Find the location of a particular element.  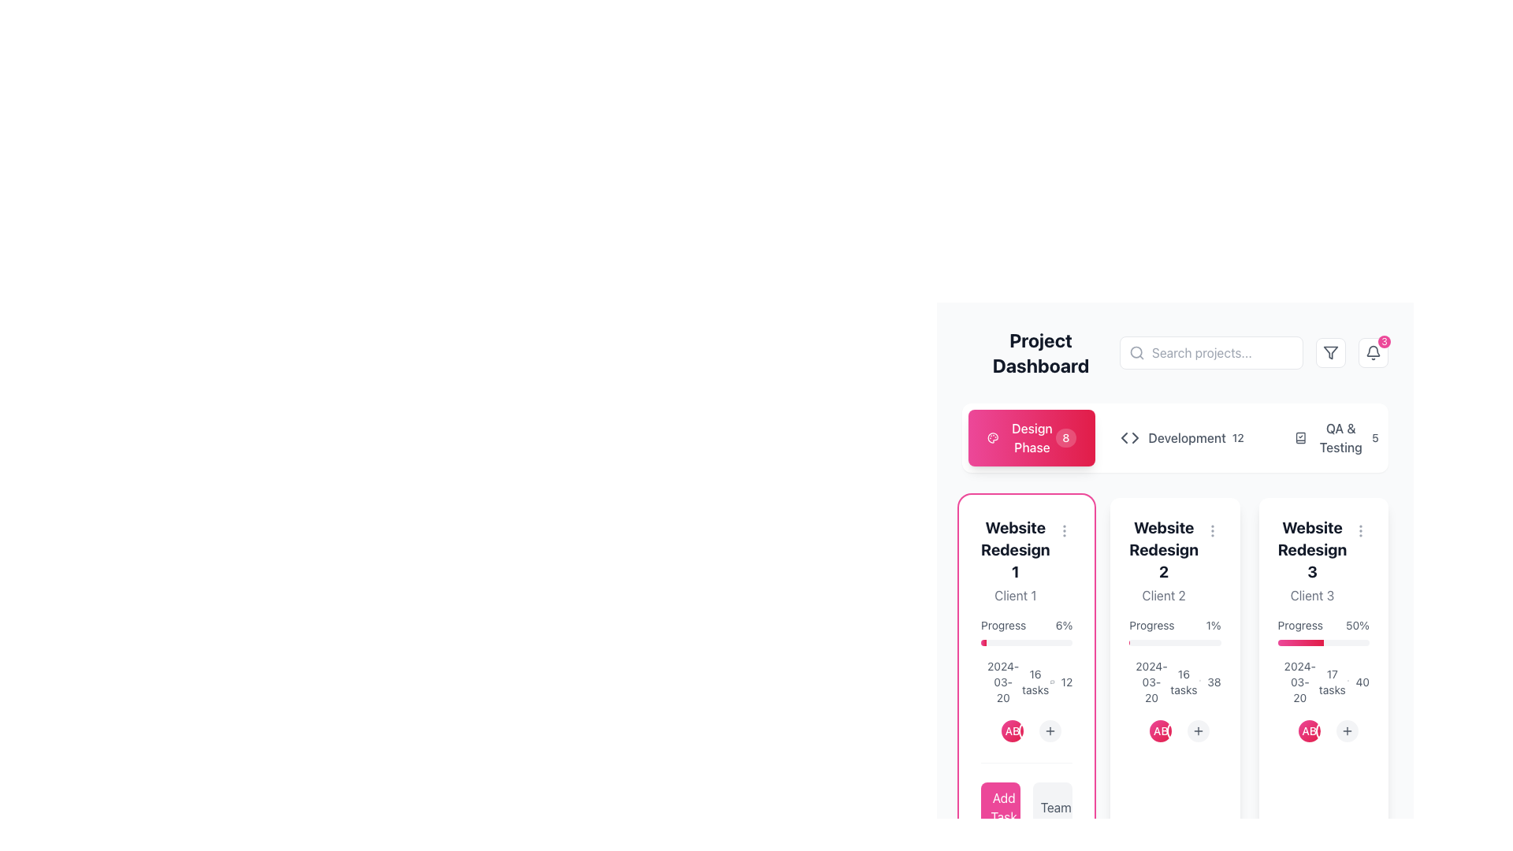

the label displaying '16 tasks' with a clock icon, located under the progress bar in the first card of the grid for the project 'Website Redesign 1' is located at coordinates (1027, 682).